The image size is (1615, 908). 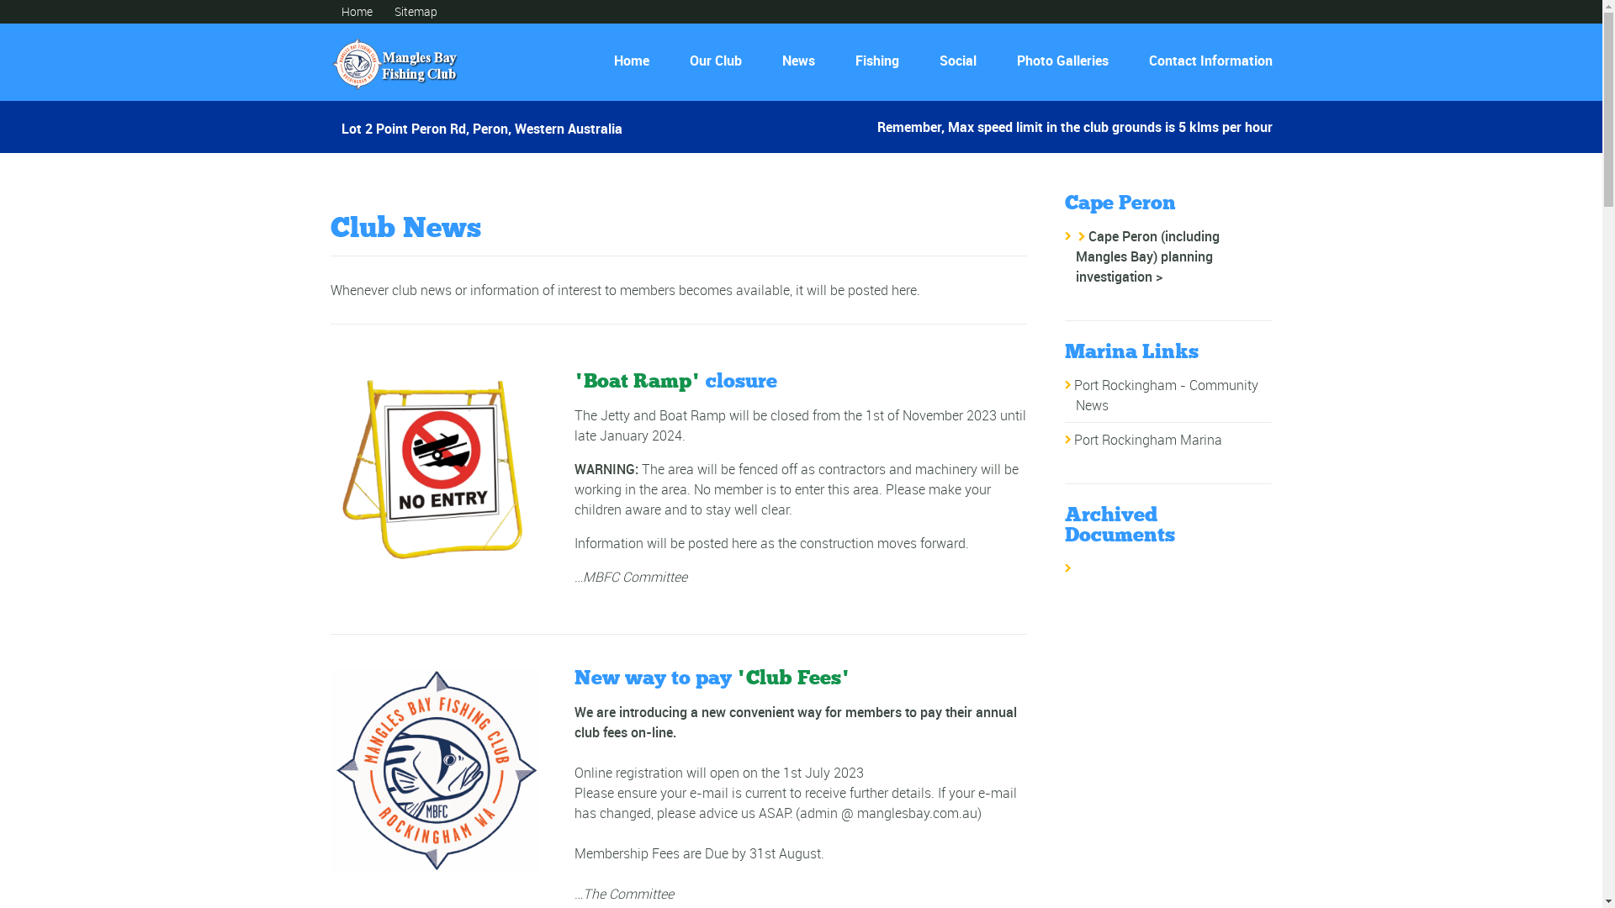 What do you see at coordinates (480, 121) in the screenshot?
I see `'Lot 2 Point Peron Rd, Peron, Western Australia'` at bounding box center [480, 121].